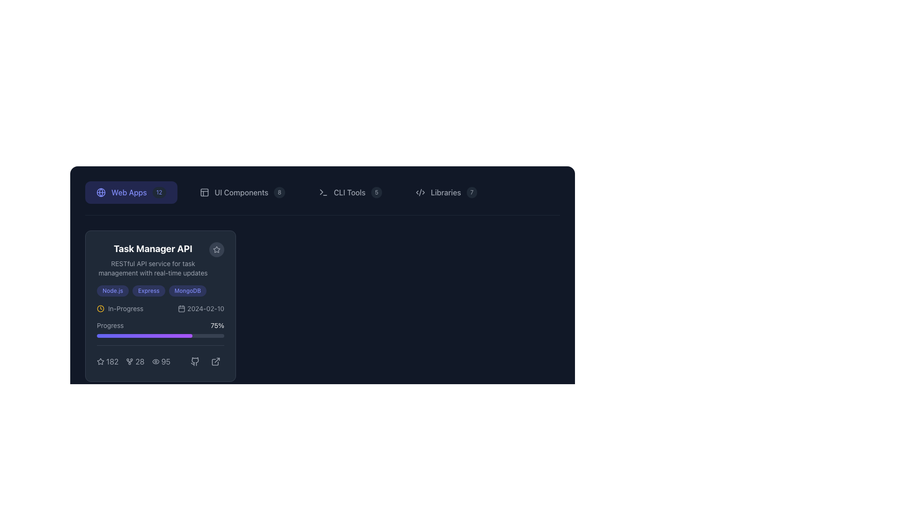 Image resolution: width=899 pixels, height=506 pixels. Describe the element at coordinates (160, 357) in the screenshot. I see `view count number displayed in the text label located at the bottom of the card, which is the third metric in a row of text-and-icon pairs, positioned directly right of the view count icon` at that location.